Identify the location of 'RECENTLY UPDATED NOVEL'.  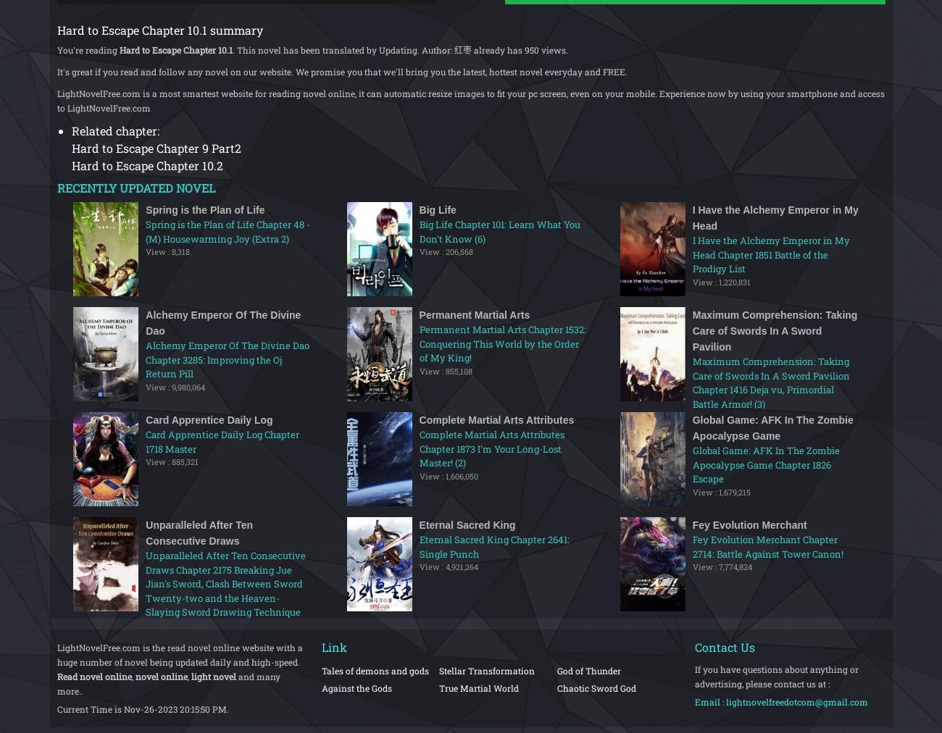
(135, 187).